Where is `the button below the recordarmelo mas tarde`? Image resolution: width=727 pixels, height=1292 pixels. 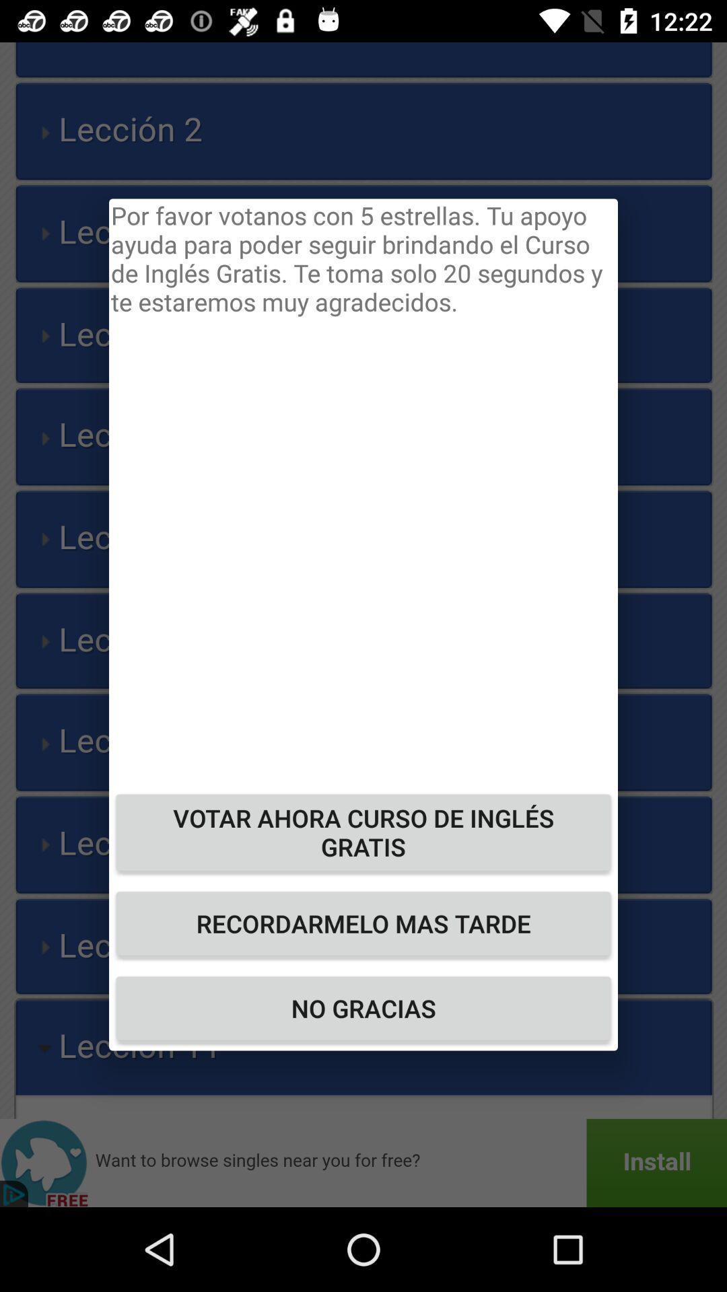
the button below the recordarmelo mas tarde is located at coordinates (363, 1008).